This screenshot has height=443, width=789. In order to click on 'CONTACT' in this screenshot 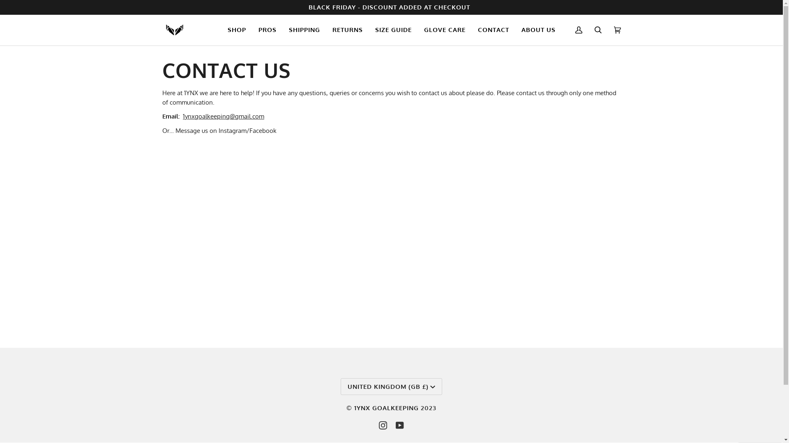, I will do `click(493, 30)`.